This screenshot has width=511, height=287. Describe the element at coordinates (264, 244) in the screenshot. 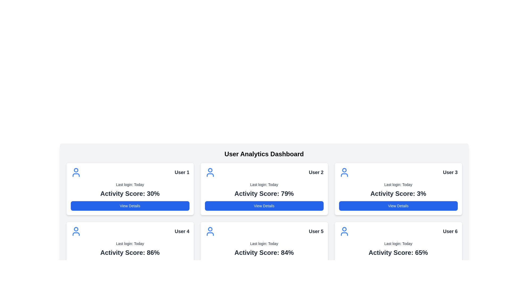

I see `the text label that reads 'Last login: Today', which is located below the title 'User 5' and above 'Activity Score: 84%' in a card structure` at that location.